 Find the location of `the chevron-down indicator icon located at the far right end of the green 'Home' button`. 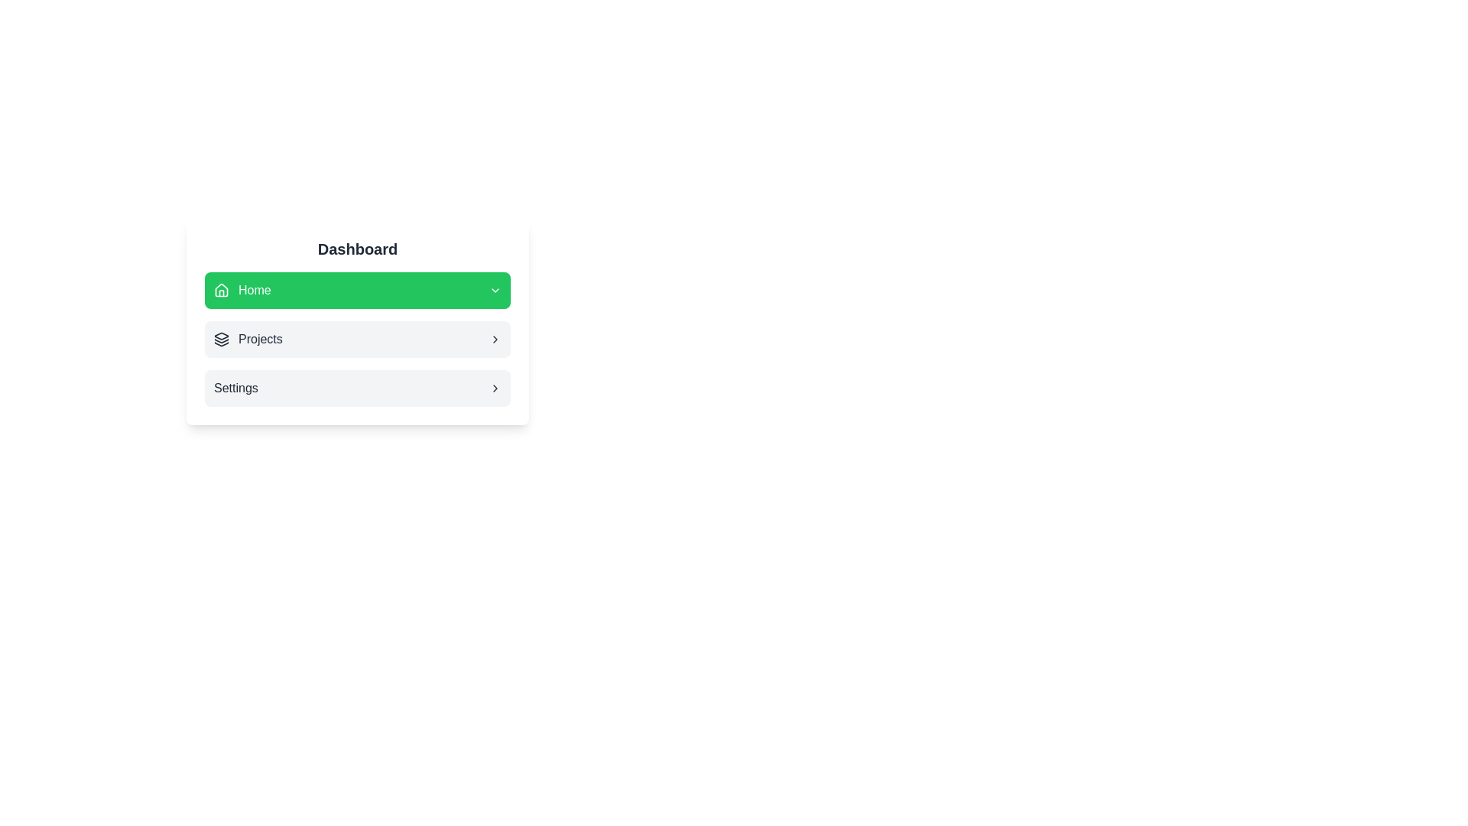

the chevron-down indicator icon located at the far right end of the green 'Home' button is located at coordinates (495, 291).